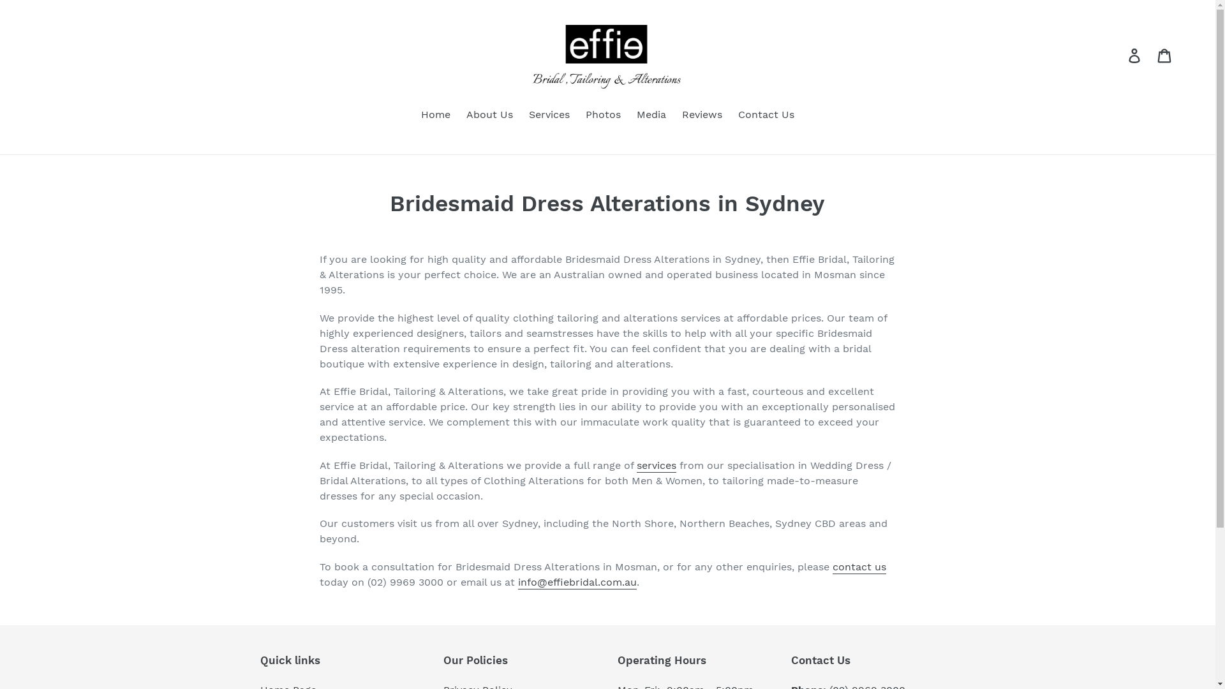  Describe the element at coordinates (859, 566) in the screenshot. I see `'contact us'` at that location.